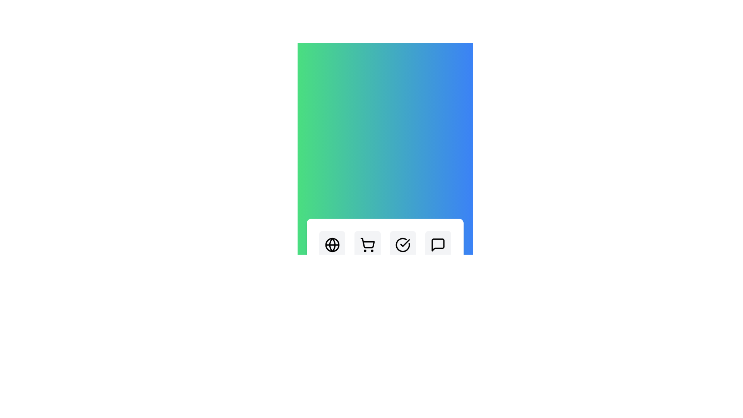 The width and height of the screenshot is (743, 418). What do you see at coordinates (404, 243) in the screenshot?
I see `the checkmark styled SVG icon located in the third position of the bottom row of icons` at bounding box center [404, 243].